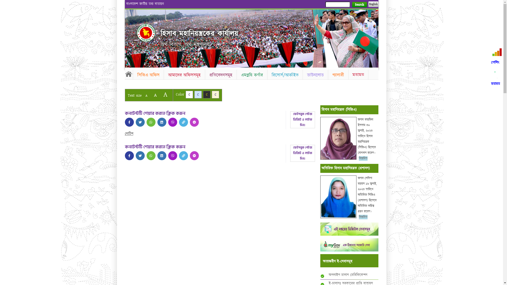 This screenshot has width=507, height=285. Describe the element at coordinates (146, 96) in the screenshot. I see `'A'` at that location.